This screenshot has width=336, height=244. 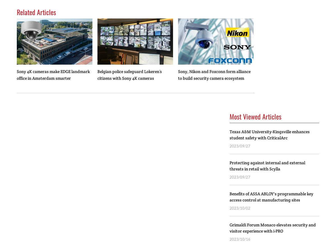 What do you see at coordinates (240, 239) in the screenshot?
I see `'2023/10/16'` at bounding box center [240, 239].